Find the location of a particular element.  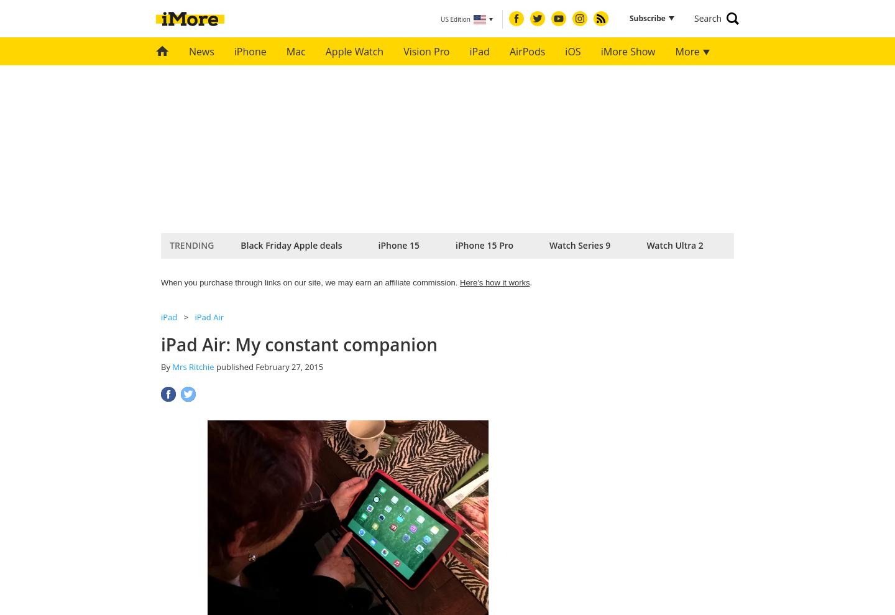

'Apple Guides & Specials' is located at coordinates (146, 81).